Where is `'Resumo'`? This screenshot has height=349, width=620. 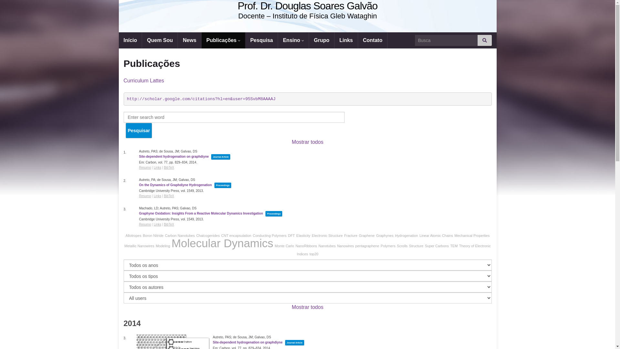
'Resumo' is located at coordinates (139, 167).